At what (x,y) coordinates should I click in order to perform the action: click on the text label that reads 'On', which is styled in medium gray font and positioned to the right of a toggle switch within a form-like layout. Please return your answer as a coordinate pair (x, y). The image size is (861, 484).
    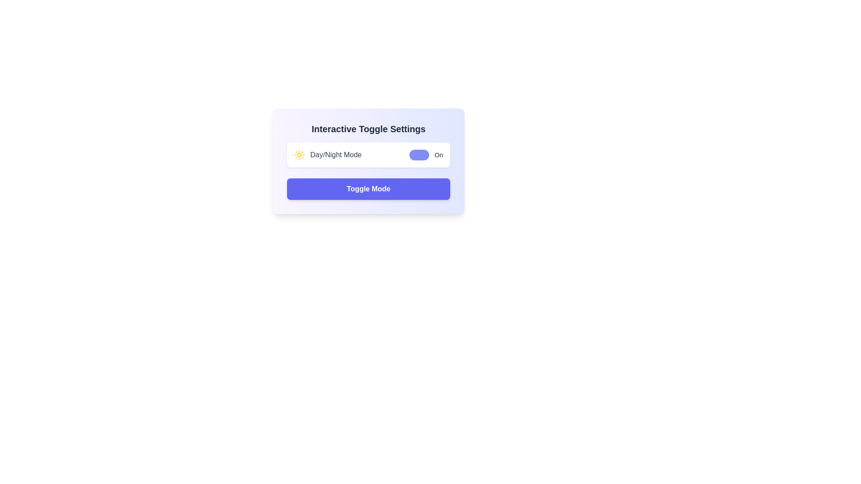
    Looking at the image, I should click on (439, 155).